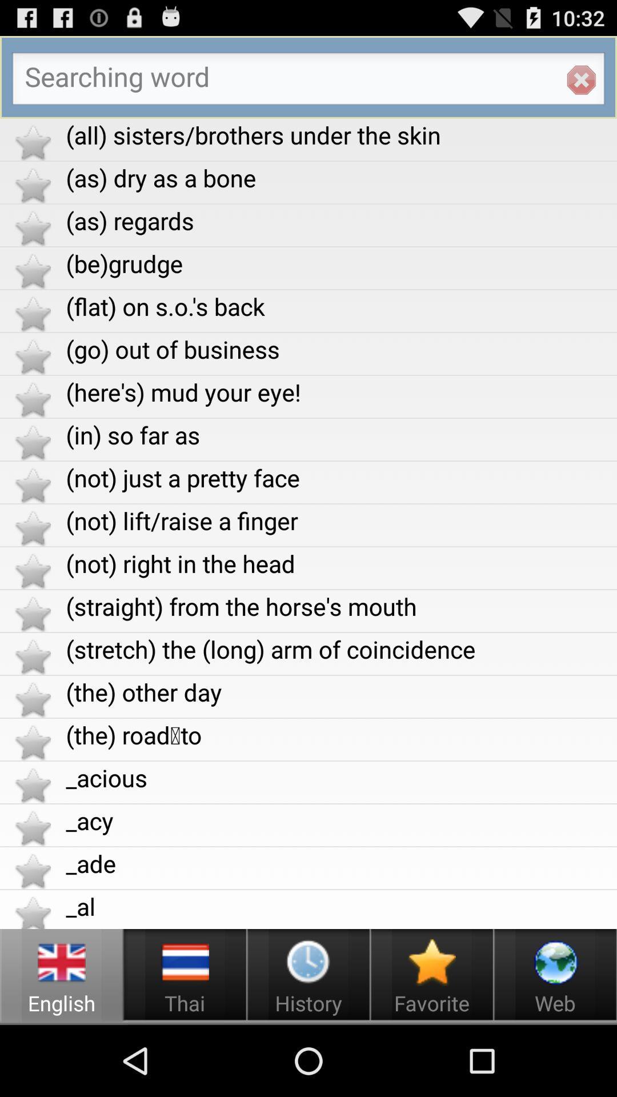 This screenshot has height=1097, width=617. Describe the element at coordinates (340, 221) in the screenshot. I see `(as) regards app` at that location.